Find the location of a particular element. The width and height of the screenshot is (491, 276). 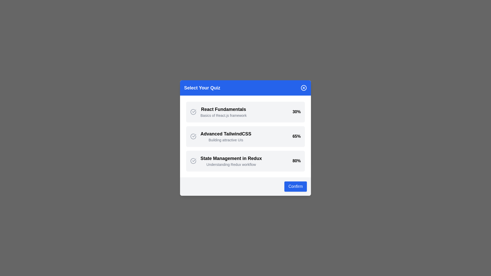

the close button to close the dialog is located at coordinates (304, 87).